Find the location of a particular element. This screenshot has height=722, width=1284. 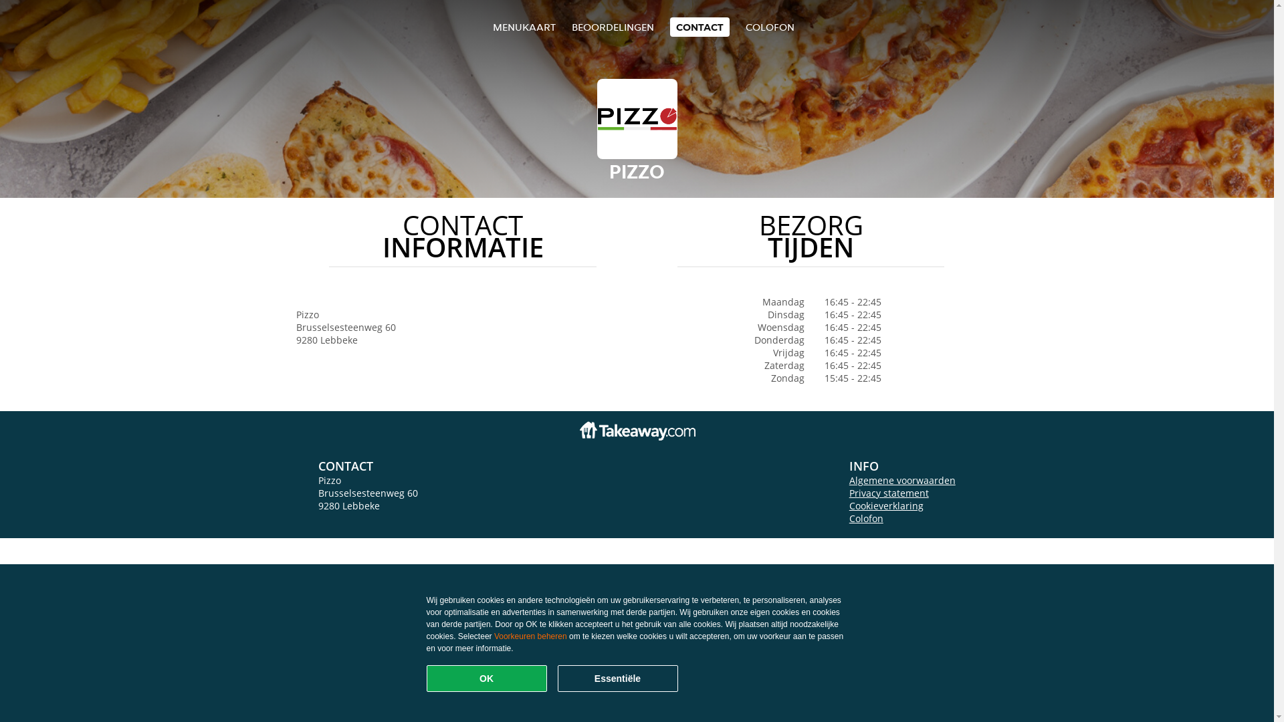

'Privacy statement' is located at coordinates (889, 493).